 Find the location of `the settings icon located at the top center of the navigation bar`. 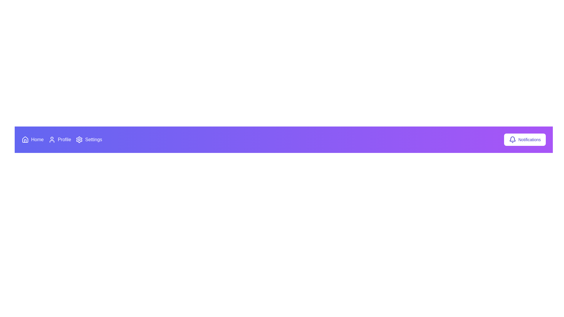

the settings icon located at the top center of the navigation bar is located at coordinates (79, 139).